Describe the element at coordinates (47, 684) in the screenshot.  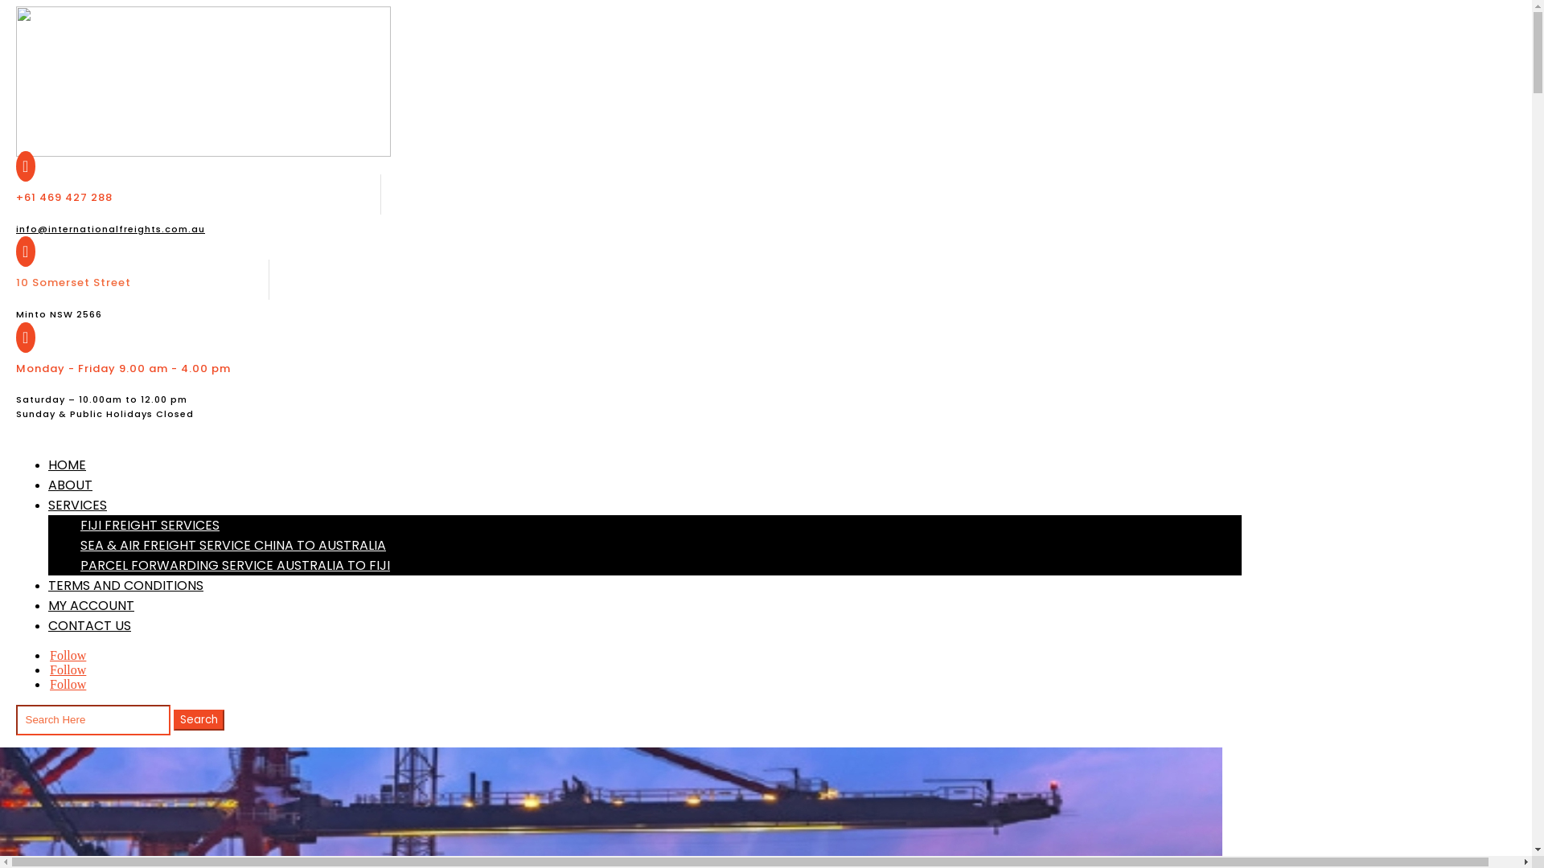
I see `'Follow'` at that location.